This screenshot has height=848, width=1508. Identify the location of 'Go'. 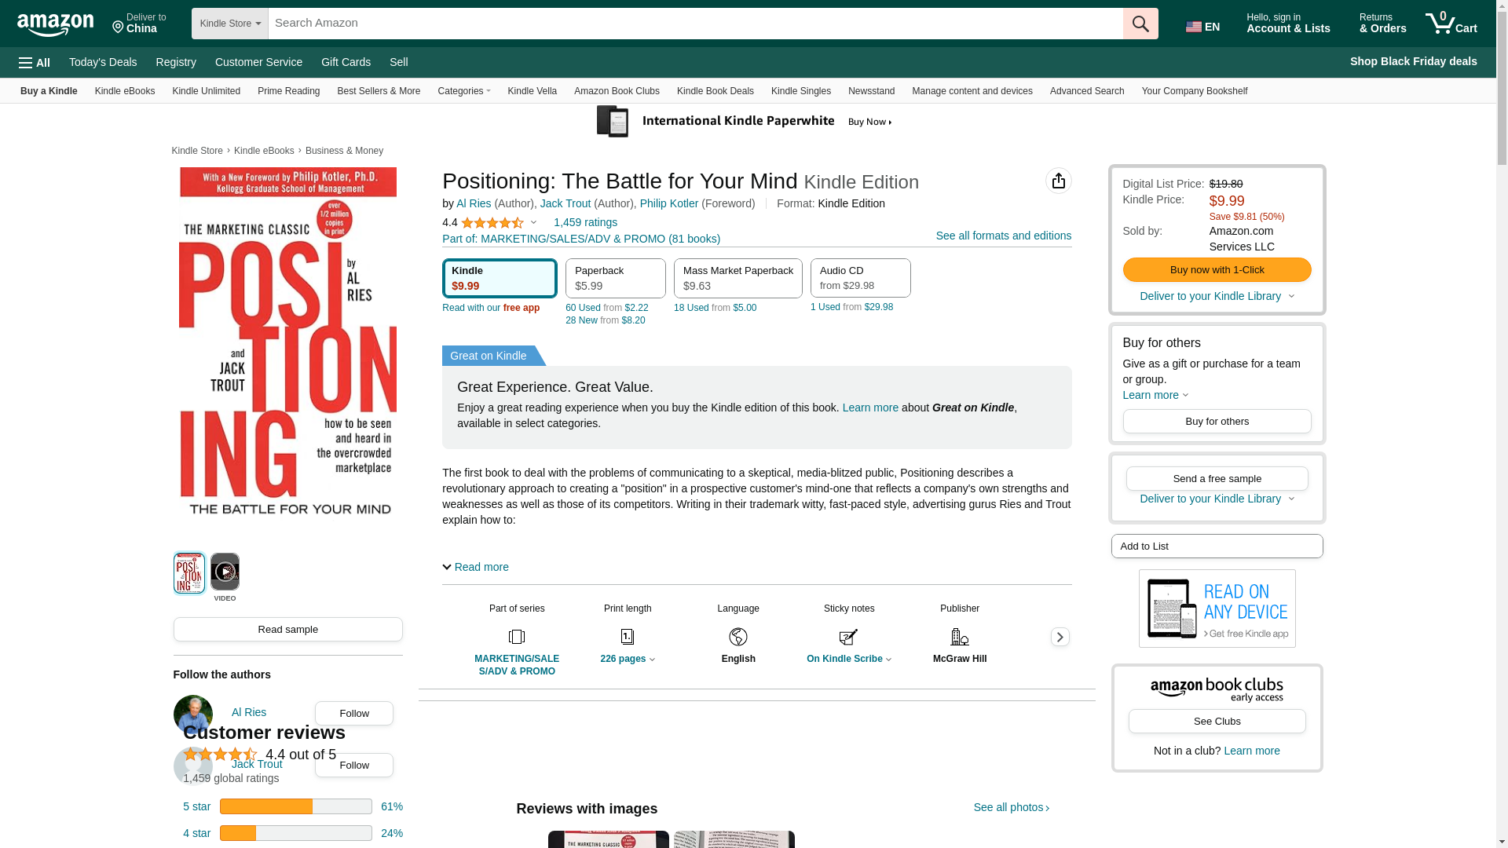
(1140, 24).